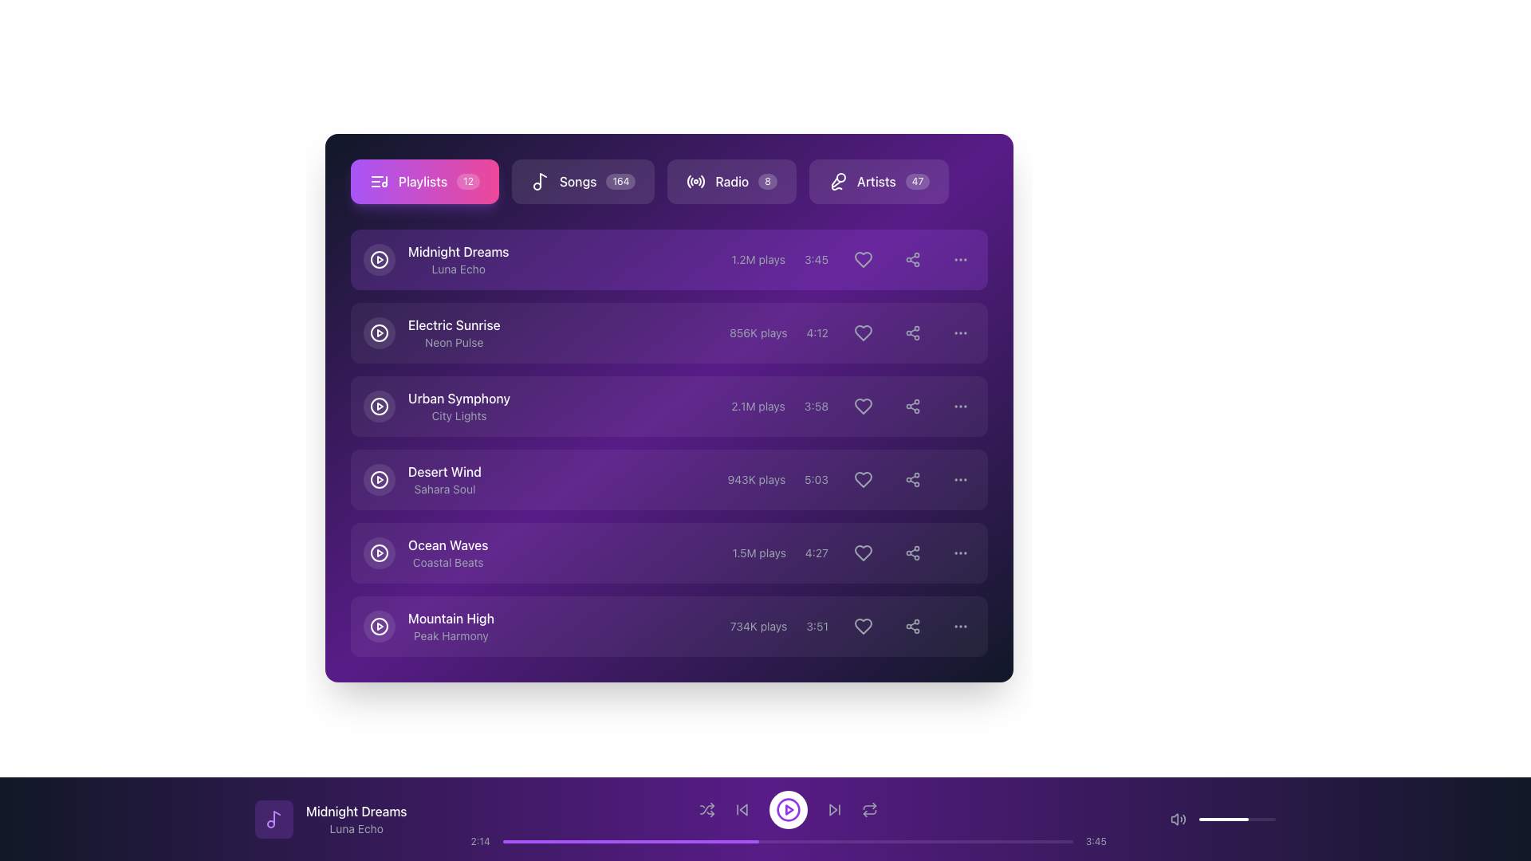 This screenshot has height=861, width=1531. Describe the element at coordinates (852, 552) in the screenshot. I see `the heart icon button located in the row labeled 'Ocean Waves - Coastal Beats'` at that location.